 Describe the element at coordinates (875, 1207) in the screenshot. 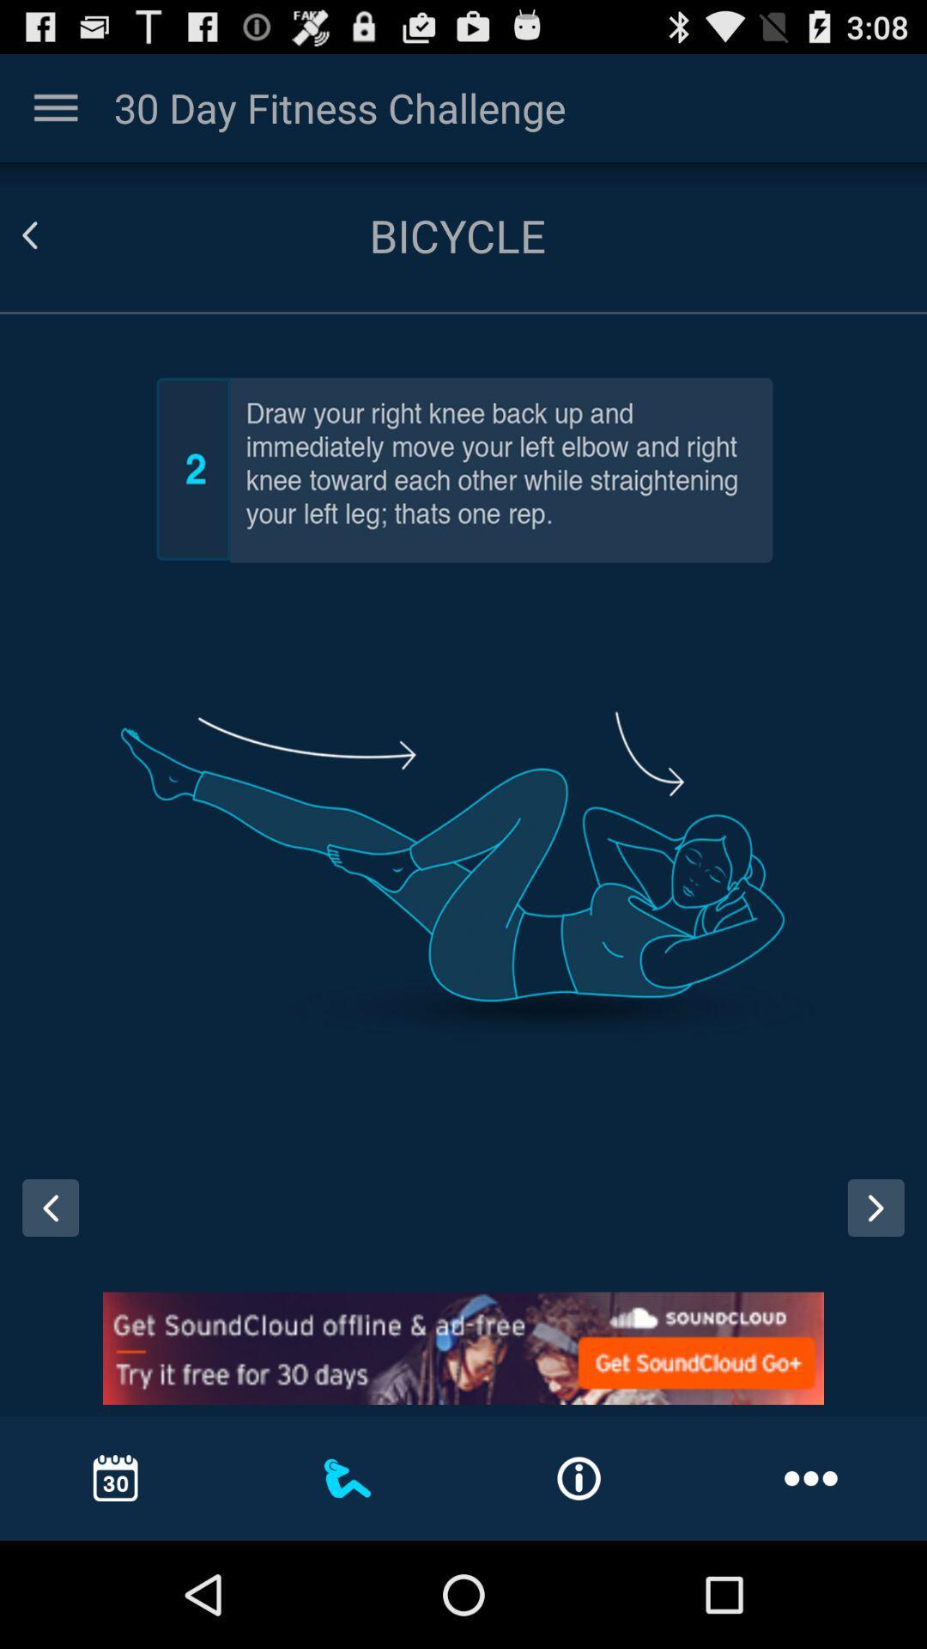

I see `go next` at that location.